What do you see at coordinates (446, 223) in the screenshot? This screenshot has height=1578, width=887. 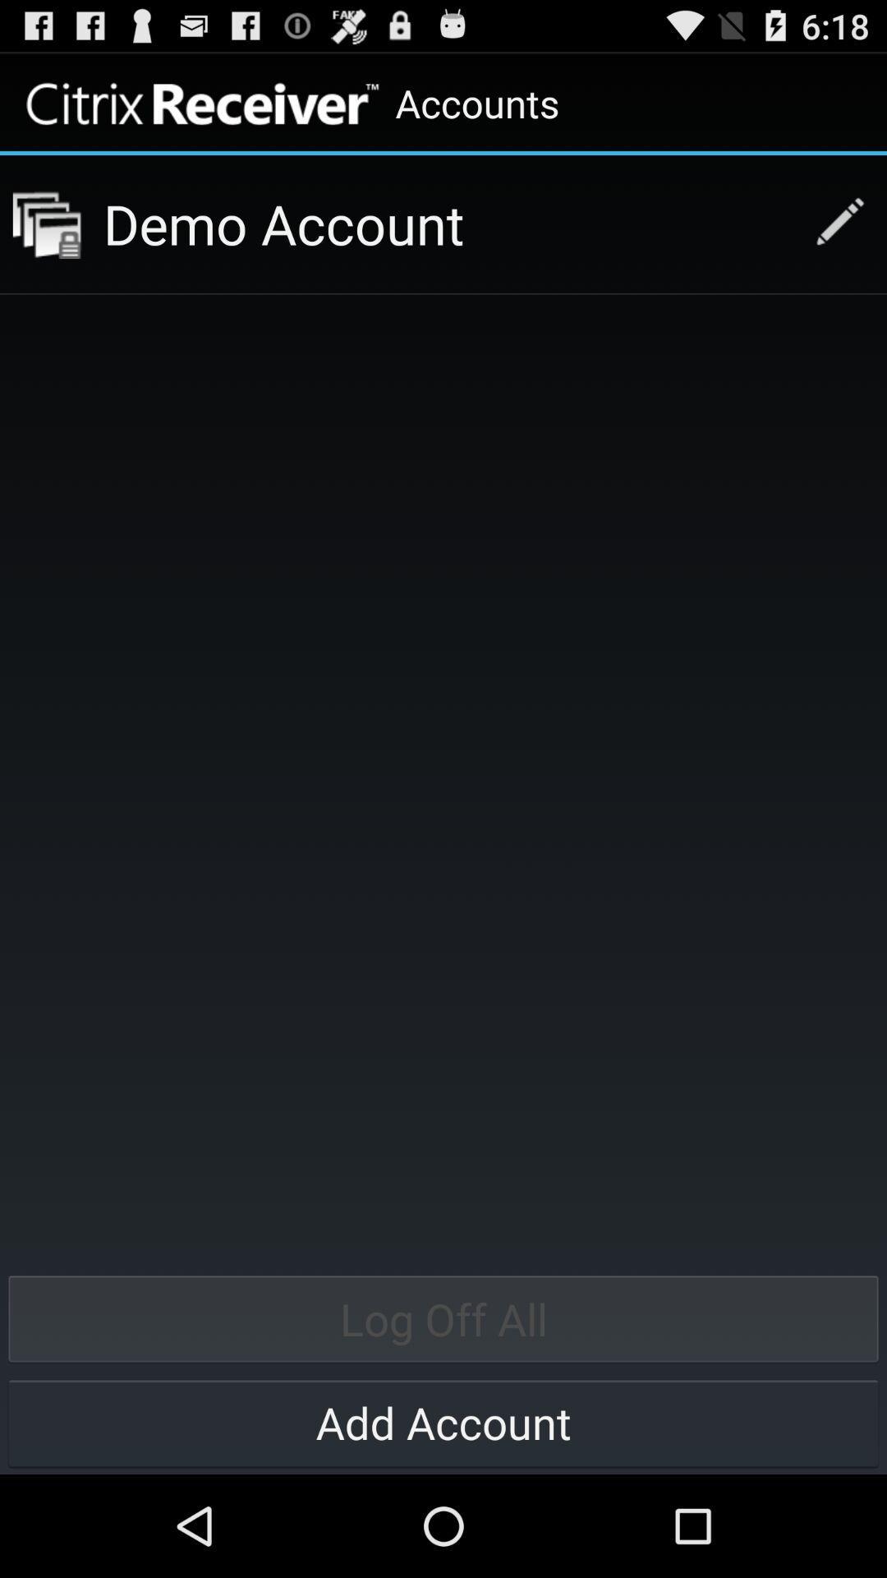 I see `the item above the log off all` at bounding box center [446, 223].